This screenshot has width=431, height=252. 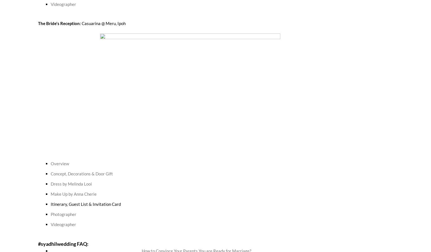 What do you see at coordinates (85, 203) in the screenshot?
I see `'Itinerary, Guest List & Invitation Card'` at bounding box center [85, 203].